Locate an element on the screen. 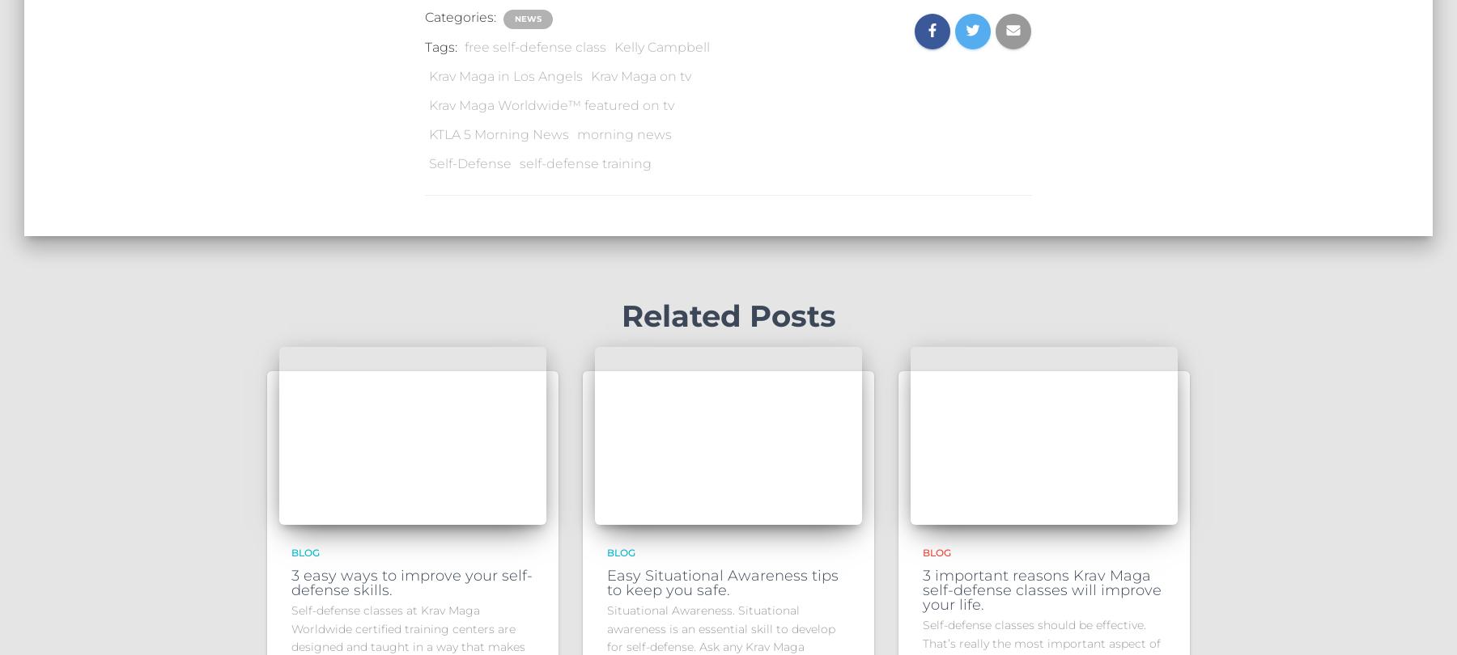 The width and height of the screenshot is (1457, 655). 'morning news' is located at coordinates (623, 133).